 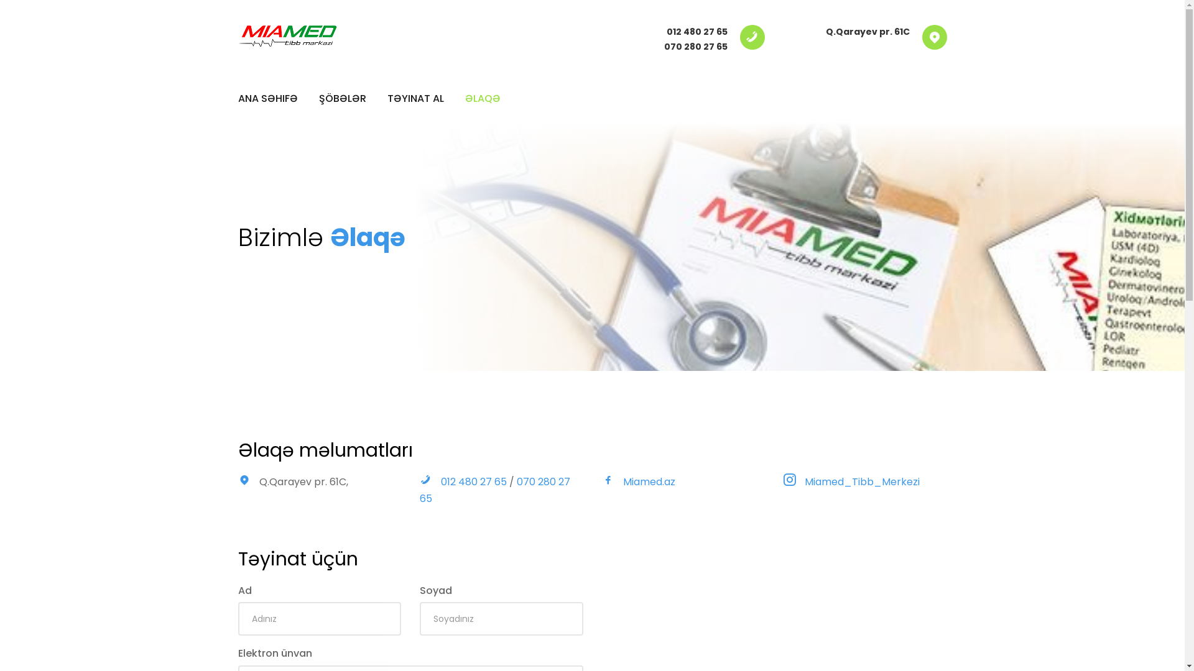 What do you see at coordinates (648, 481) in the screenshot?
I see `'Miamed.az'` at bounding box center [648, 481].